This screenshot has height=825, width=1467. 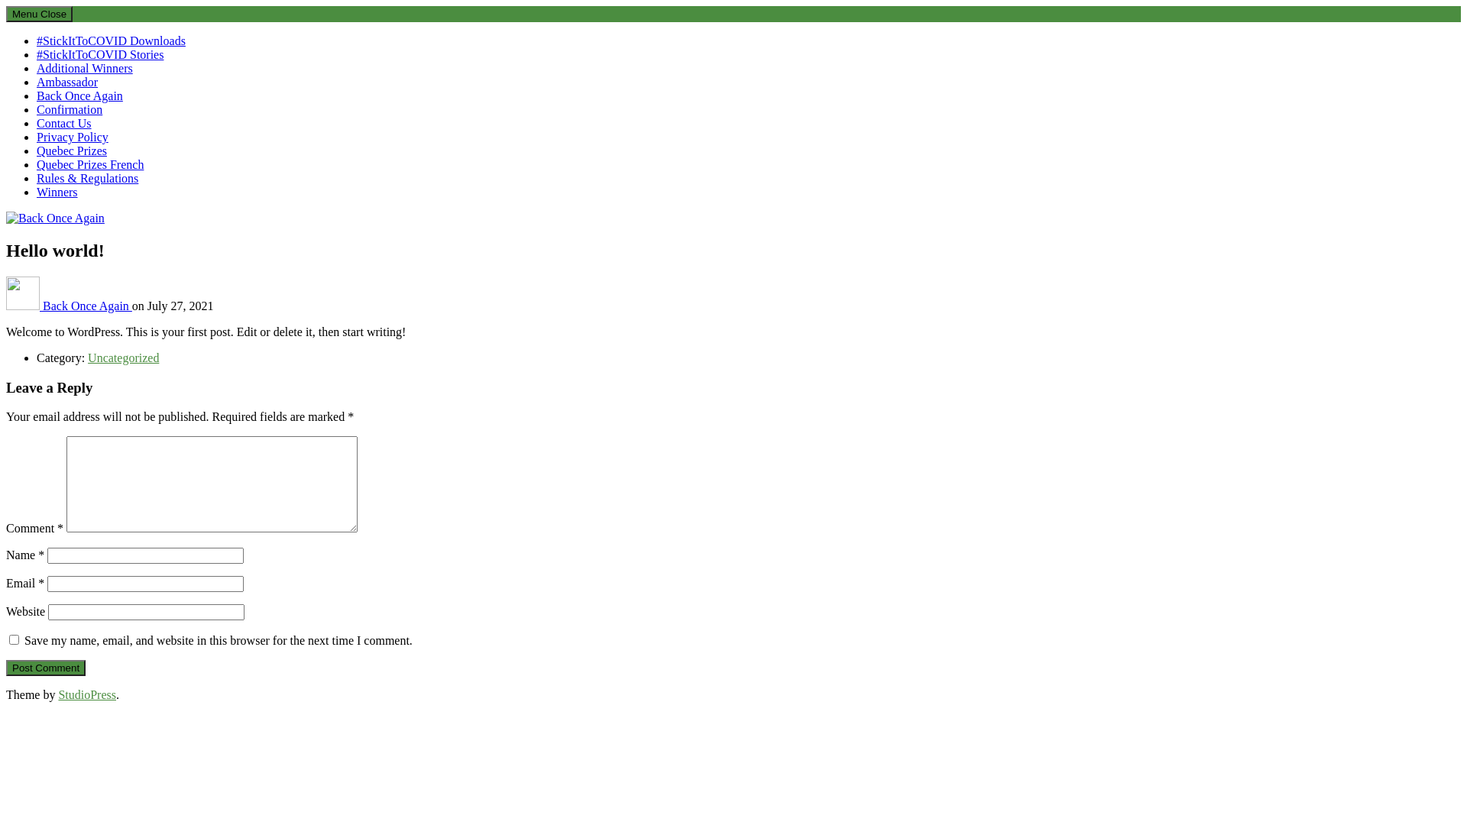 I want to click on 'Back Once Again', so click(x=79, y=95).